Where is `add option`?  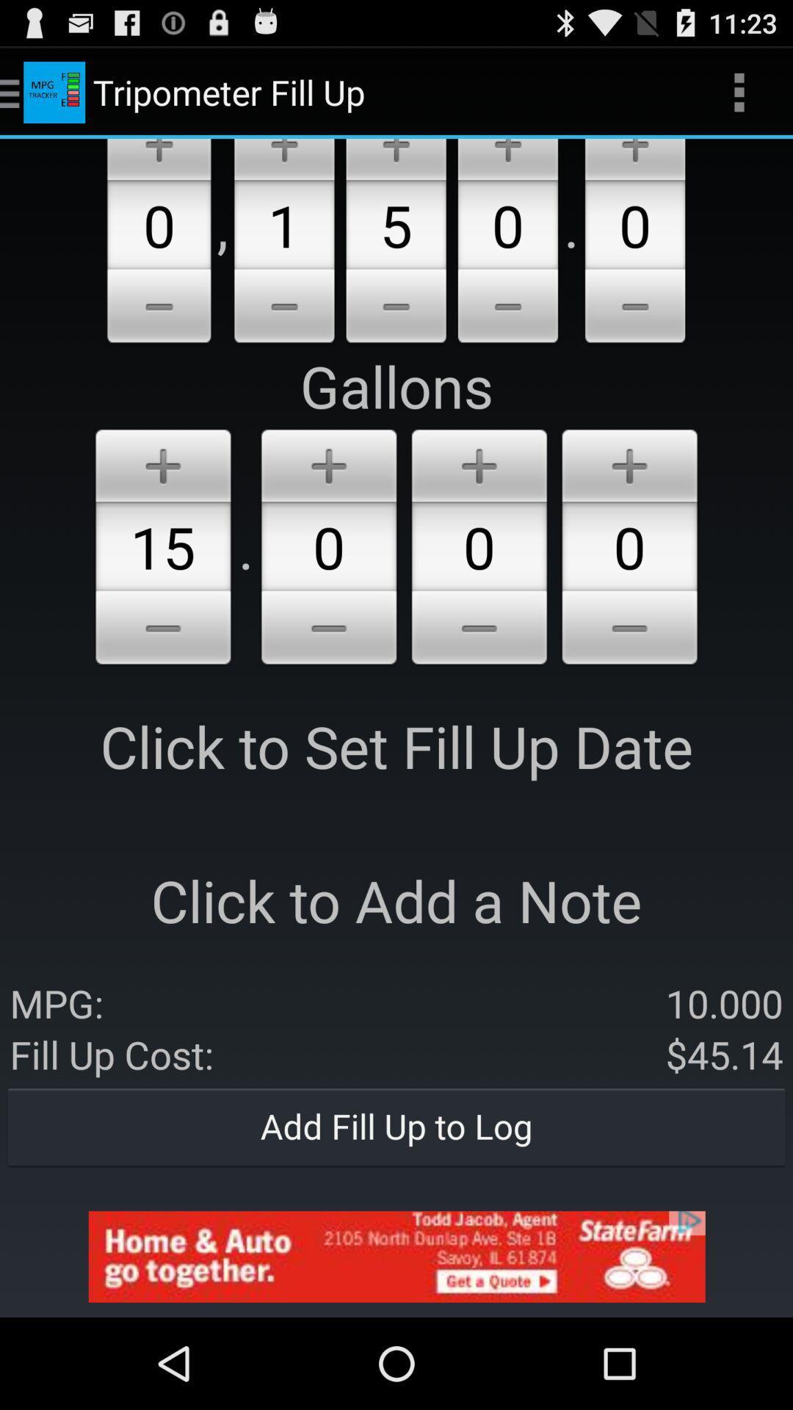
add option is located at coordinates (163, 462).